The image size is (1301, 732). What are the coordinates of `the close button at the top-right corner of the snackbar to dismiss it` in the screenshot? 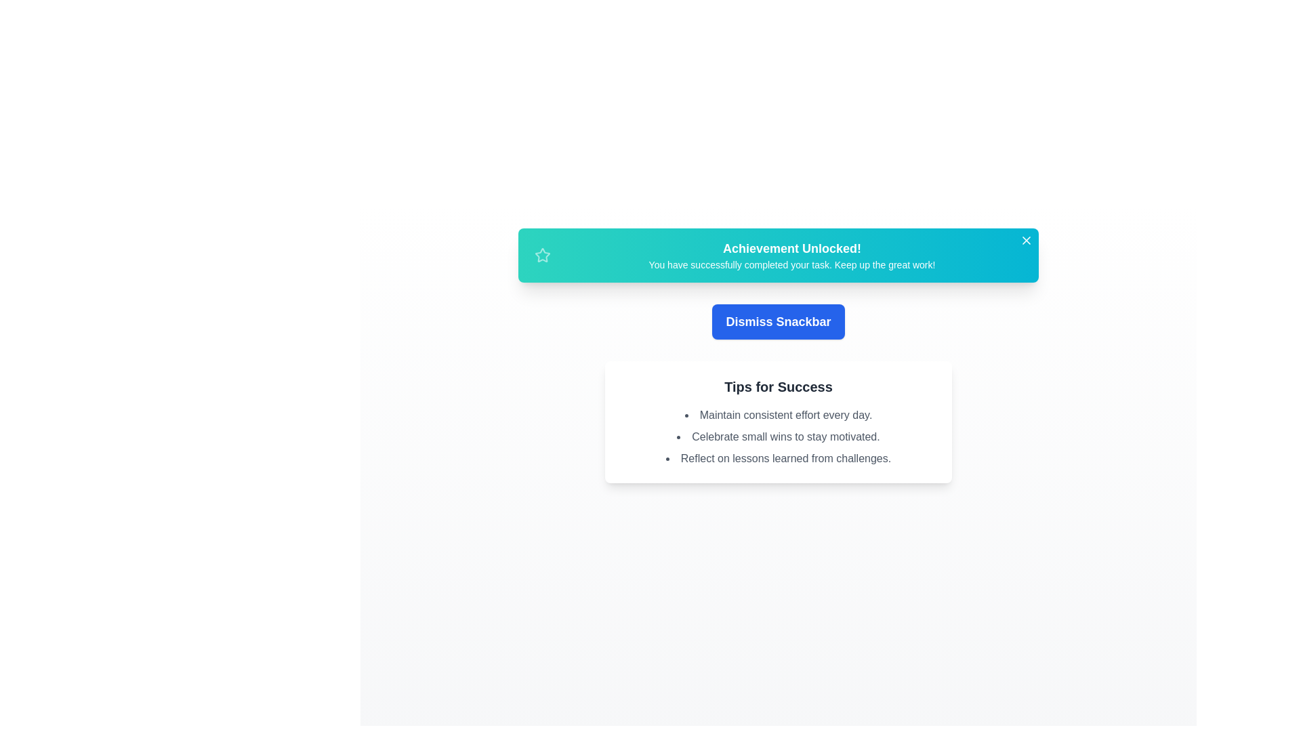 It's located at (1027, 239).